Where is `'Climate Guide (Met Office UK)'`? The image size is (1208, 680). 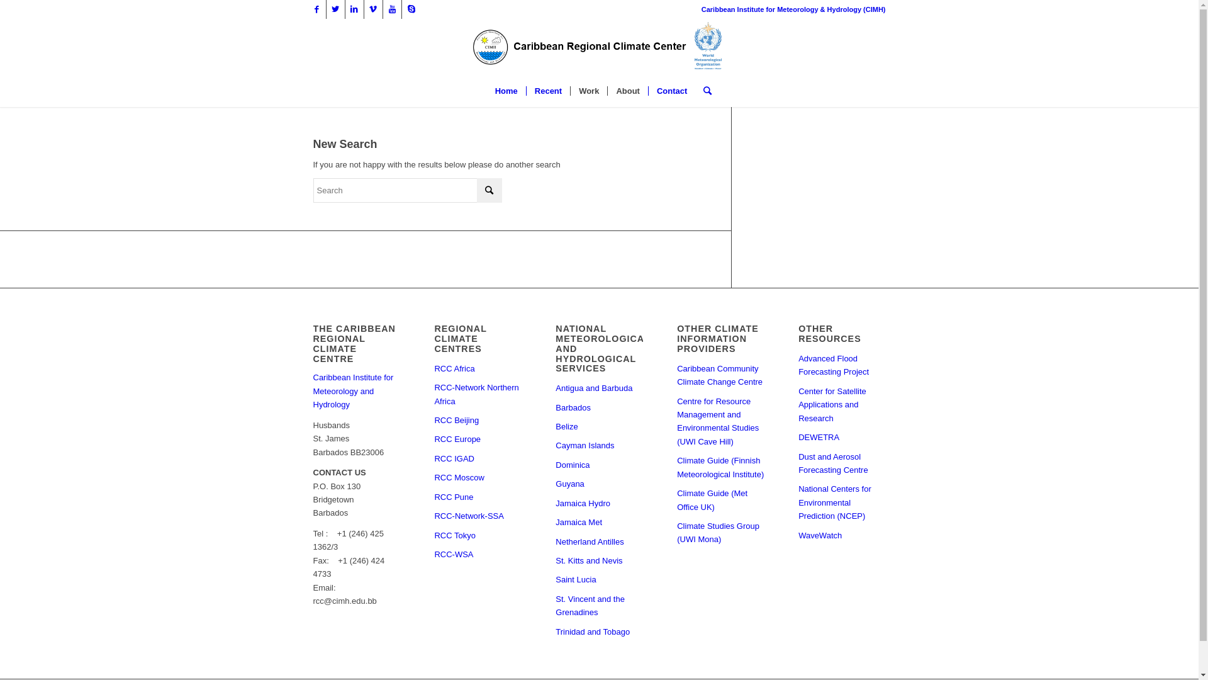 'Climate Guide (Met Office UK)' is located at coordinates (720, 499).